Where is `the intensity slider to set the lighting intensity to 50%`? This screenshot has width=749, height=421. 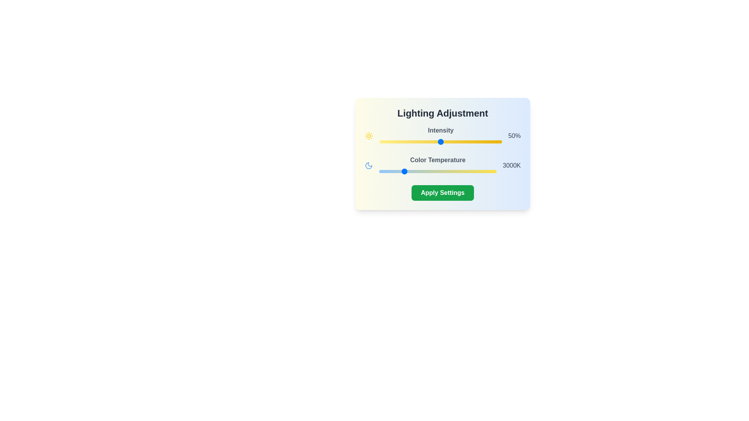 the intensity slider to set the lighting intensity to 50% is located at coordinates (440, 142).